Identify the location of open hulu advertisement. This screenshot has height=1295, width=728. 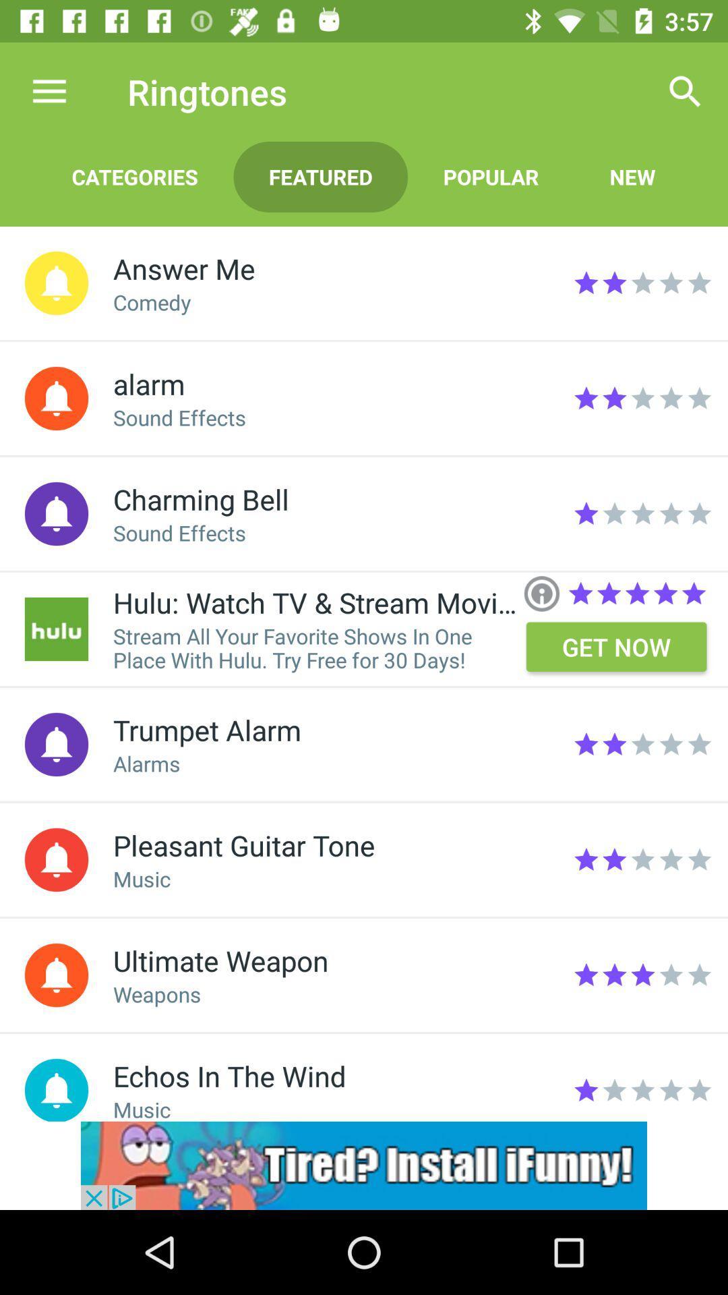
(56, 628).